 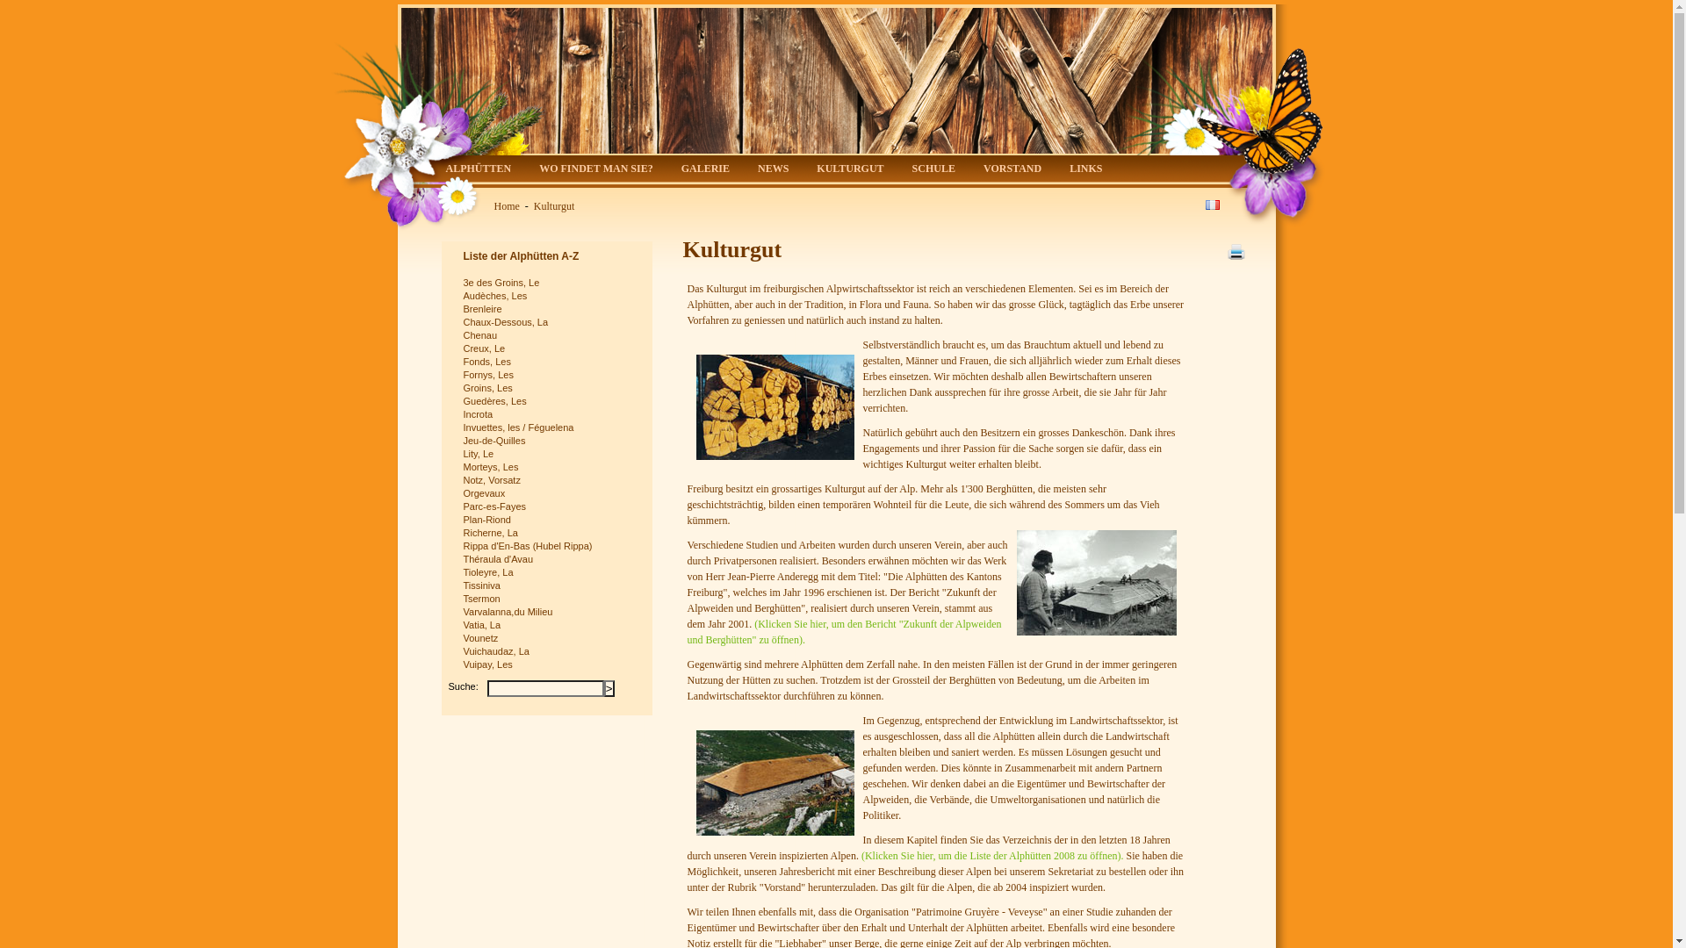 I want to click on 'Brenleire', so click(x=548, y=308).